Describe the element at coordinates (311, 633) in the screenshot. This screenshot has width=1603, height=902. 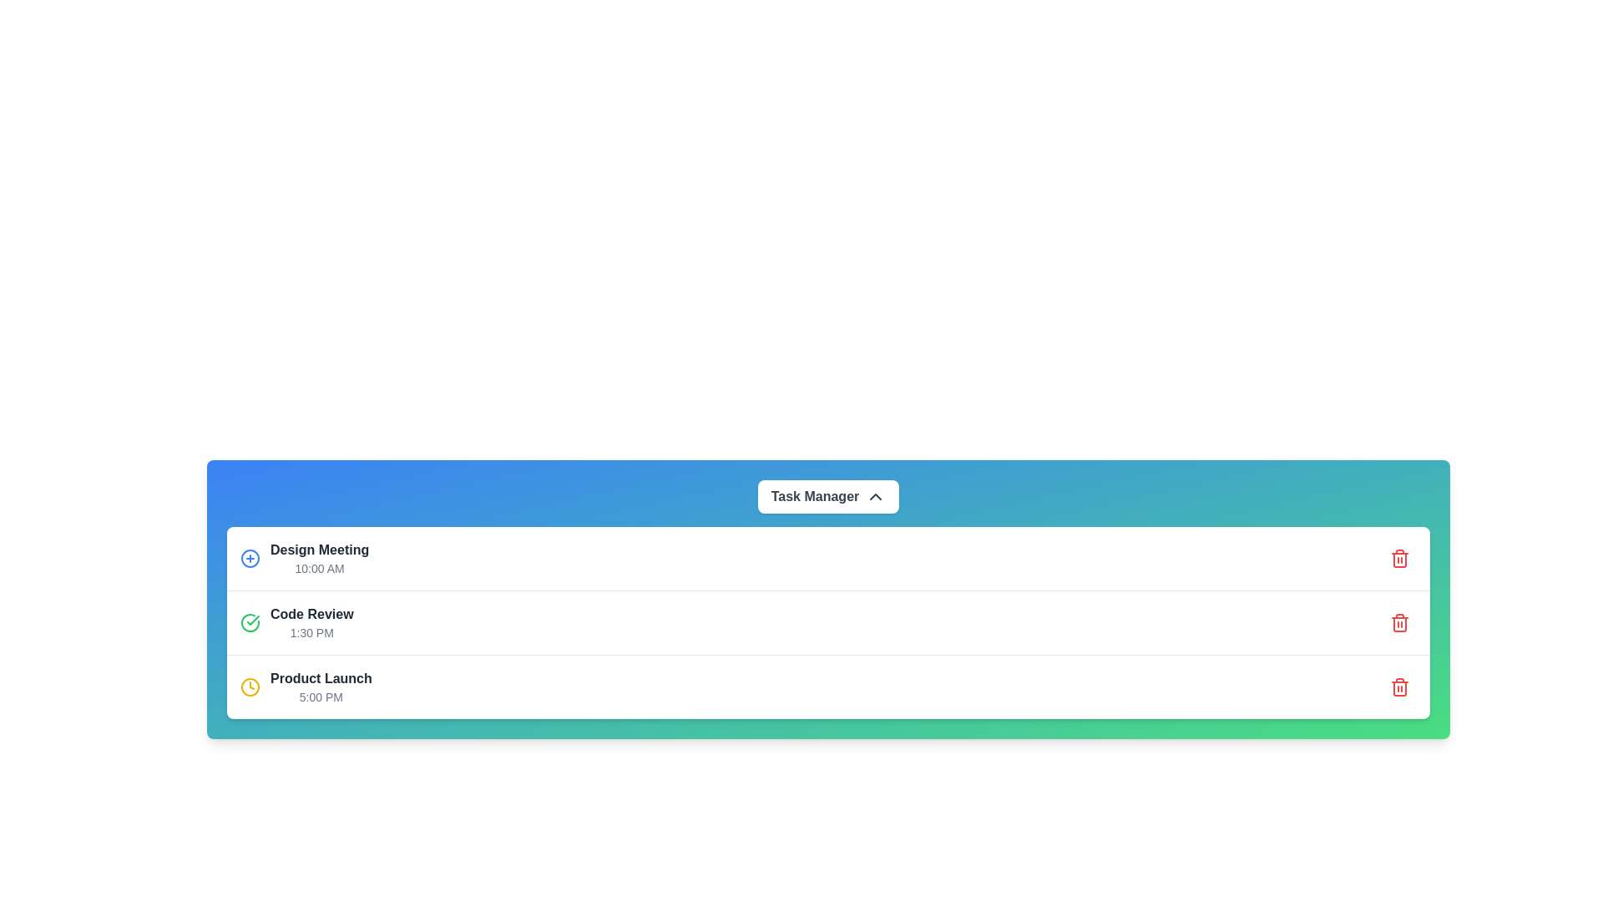
I see `the static text label displaying '1:30 PM', which is located below the 'Code Review' label in the task list` at that location.